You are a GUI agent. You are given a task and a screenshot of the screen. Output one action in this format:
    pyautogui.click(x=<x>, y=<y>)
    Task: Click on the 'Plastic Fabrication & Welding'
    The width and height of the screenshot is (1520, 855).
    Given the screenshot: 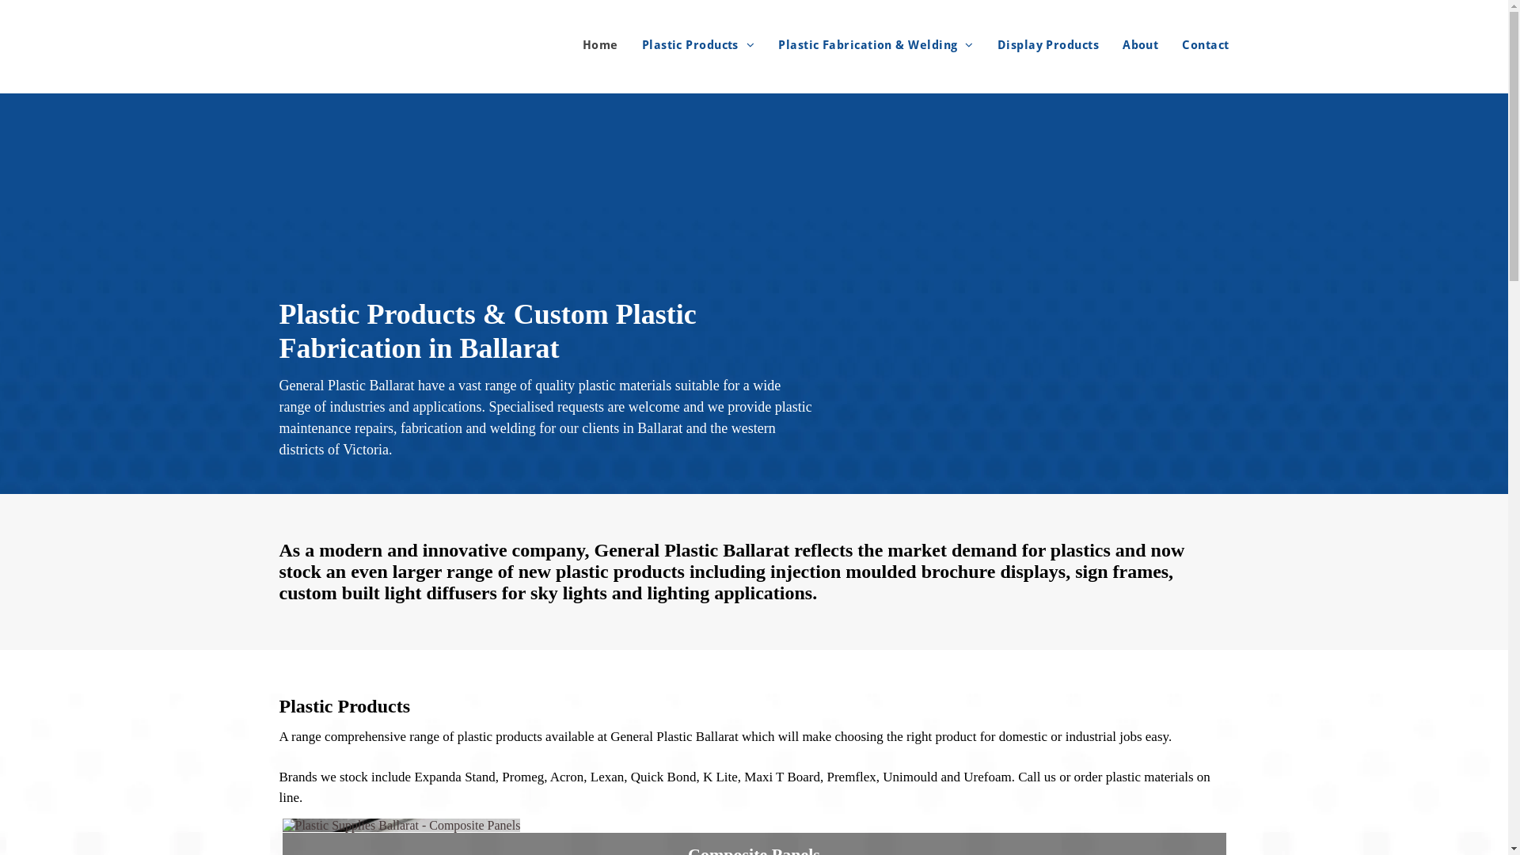 What is the action you would take?
    pyautogui.click(x=863, y=44)
    